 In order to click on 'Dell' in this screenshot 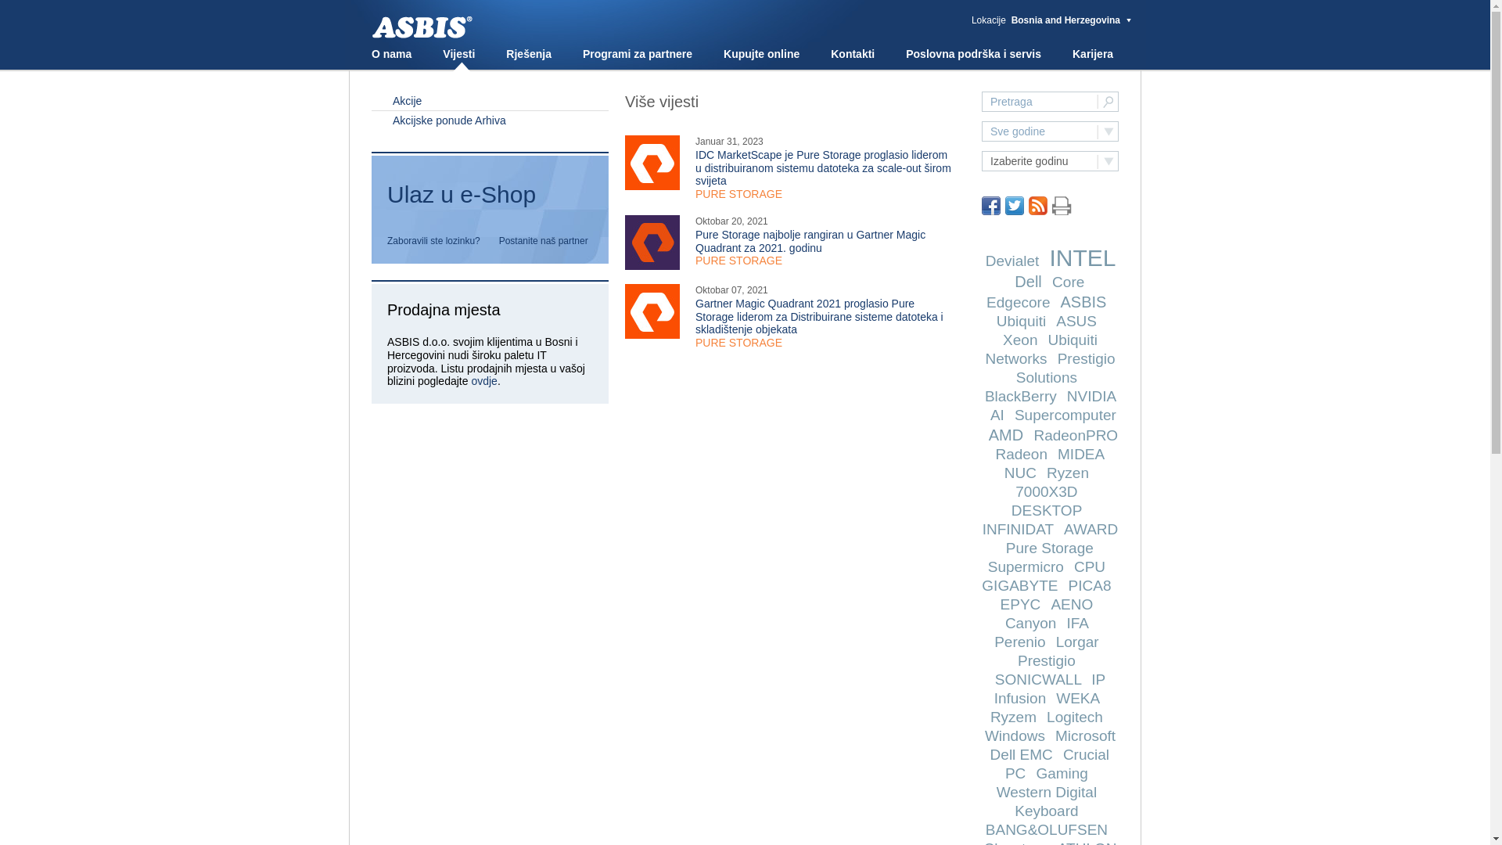, I will do `click(1028, 280)`.